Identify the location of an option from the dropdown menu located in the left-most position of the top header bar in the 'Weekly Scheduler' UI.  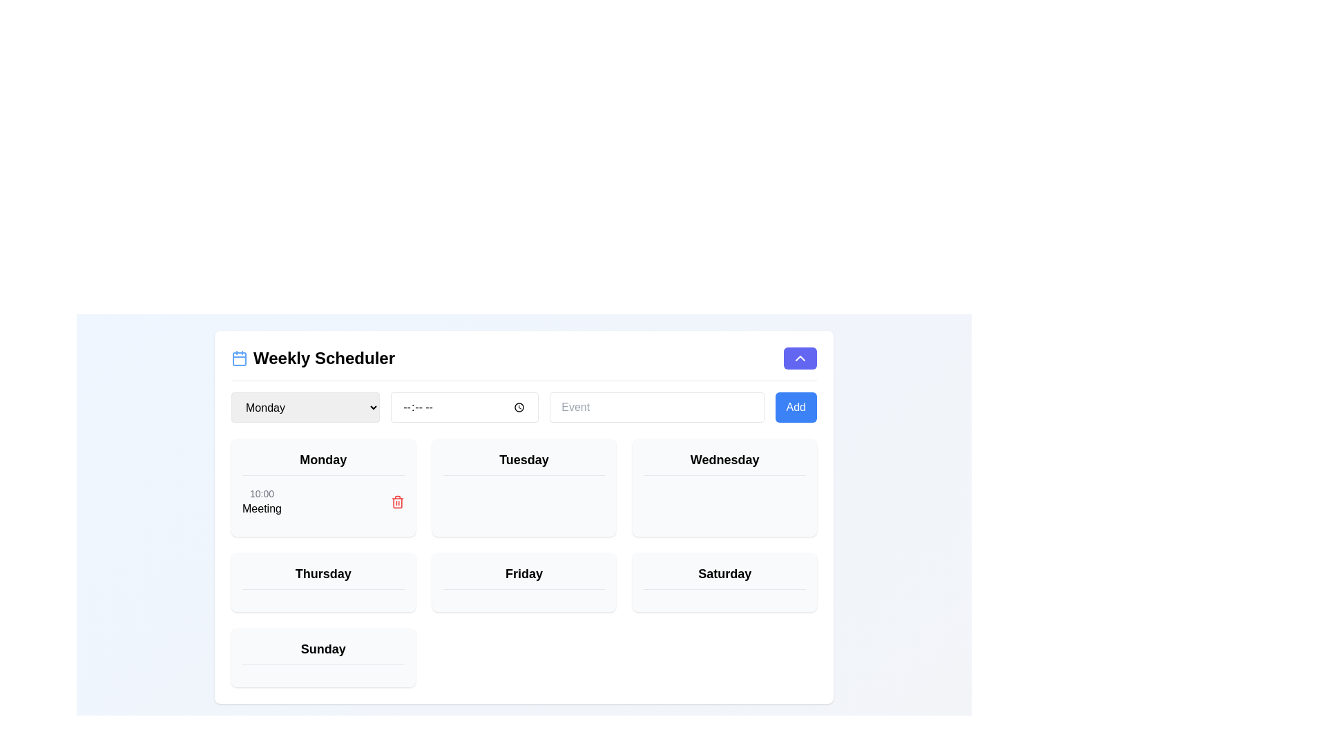
(305, 407).